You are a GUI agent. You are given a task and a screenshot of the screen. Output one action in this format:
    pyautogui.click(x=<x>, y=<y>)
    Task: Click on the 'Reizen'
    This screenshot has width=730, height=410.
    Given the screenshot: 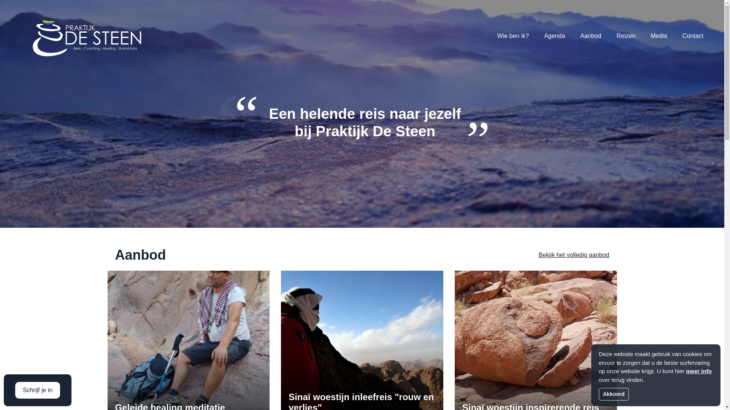 What is the action you would take?
    pyautogui.click(x=626, y=36)
    